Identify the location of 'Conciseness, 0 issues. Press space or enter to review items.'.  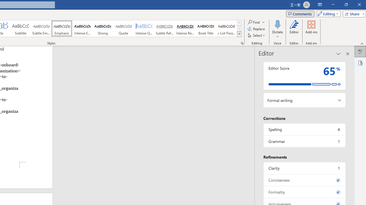
(304, 180).